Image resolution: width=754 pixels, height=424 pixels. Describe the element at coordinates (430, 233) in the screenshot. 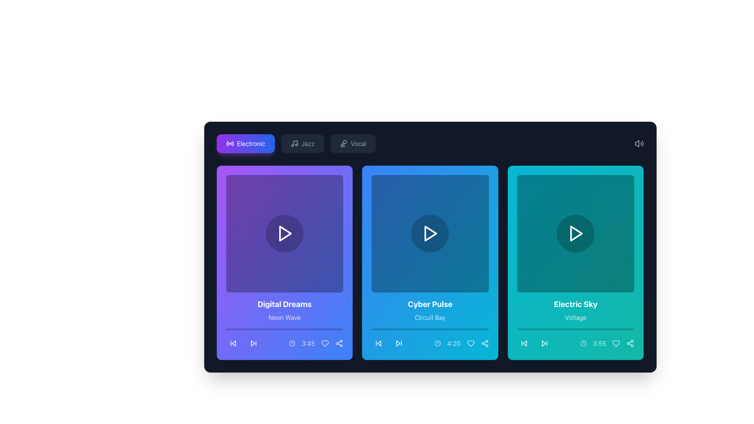

I see `the triangular play button icon, which is filled with white color, located at the center of the second card titled 'Cyber Pulse' with a blue gradient background` at that location.